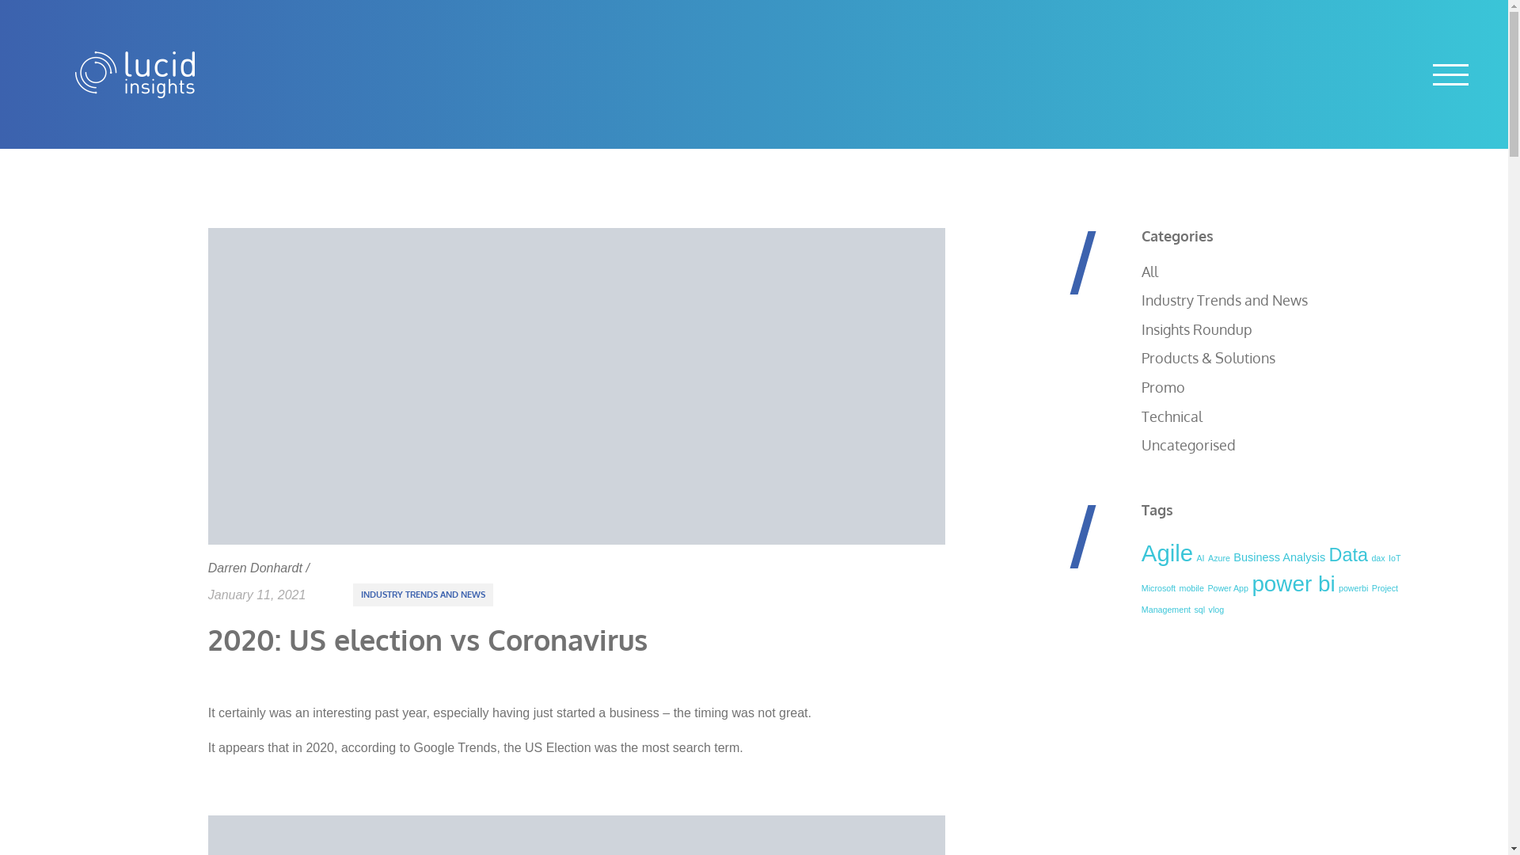  Describe the element at coordinates (1394, 557) in the screenshot. I see `'IoT'` at that location.